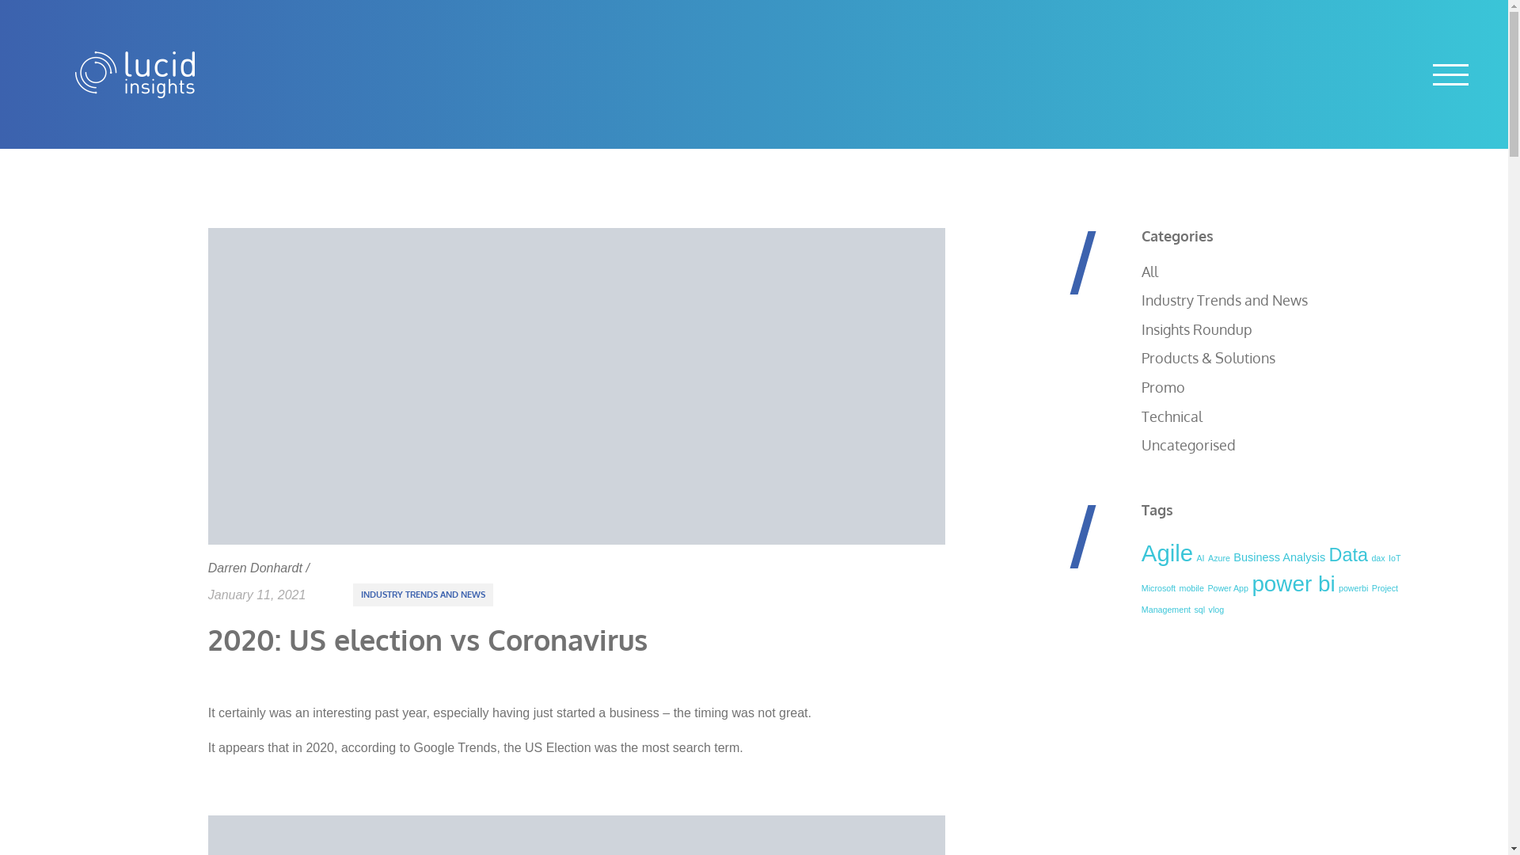  Describe the element at coordinates (1394, 557) in the screenshot. I see `'IoT'` at that location.